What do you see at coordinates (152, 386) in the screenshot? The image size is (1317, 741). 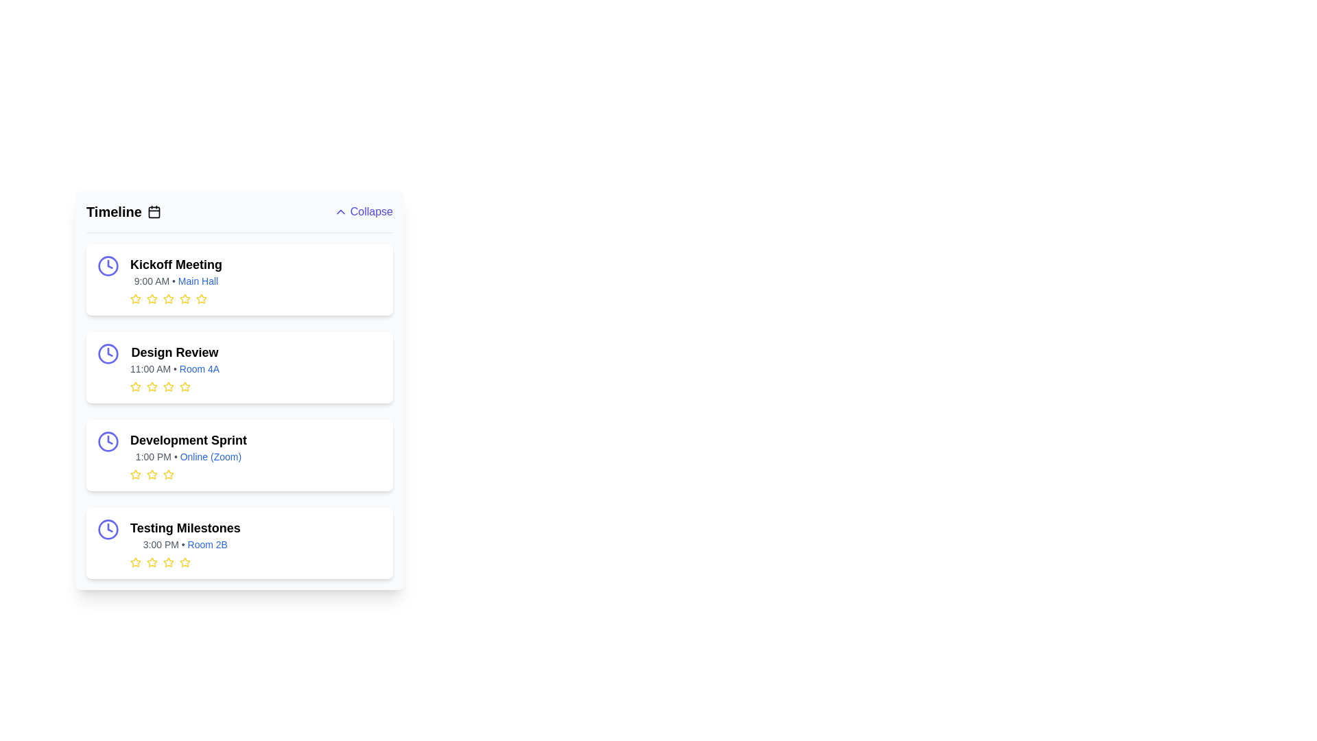 I see `the third star icon in the 'Design Review' section` at bounding box center [152, 386].